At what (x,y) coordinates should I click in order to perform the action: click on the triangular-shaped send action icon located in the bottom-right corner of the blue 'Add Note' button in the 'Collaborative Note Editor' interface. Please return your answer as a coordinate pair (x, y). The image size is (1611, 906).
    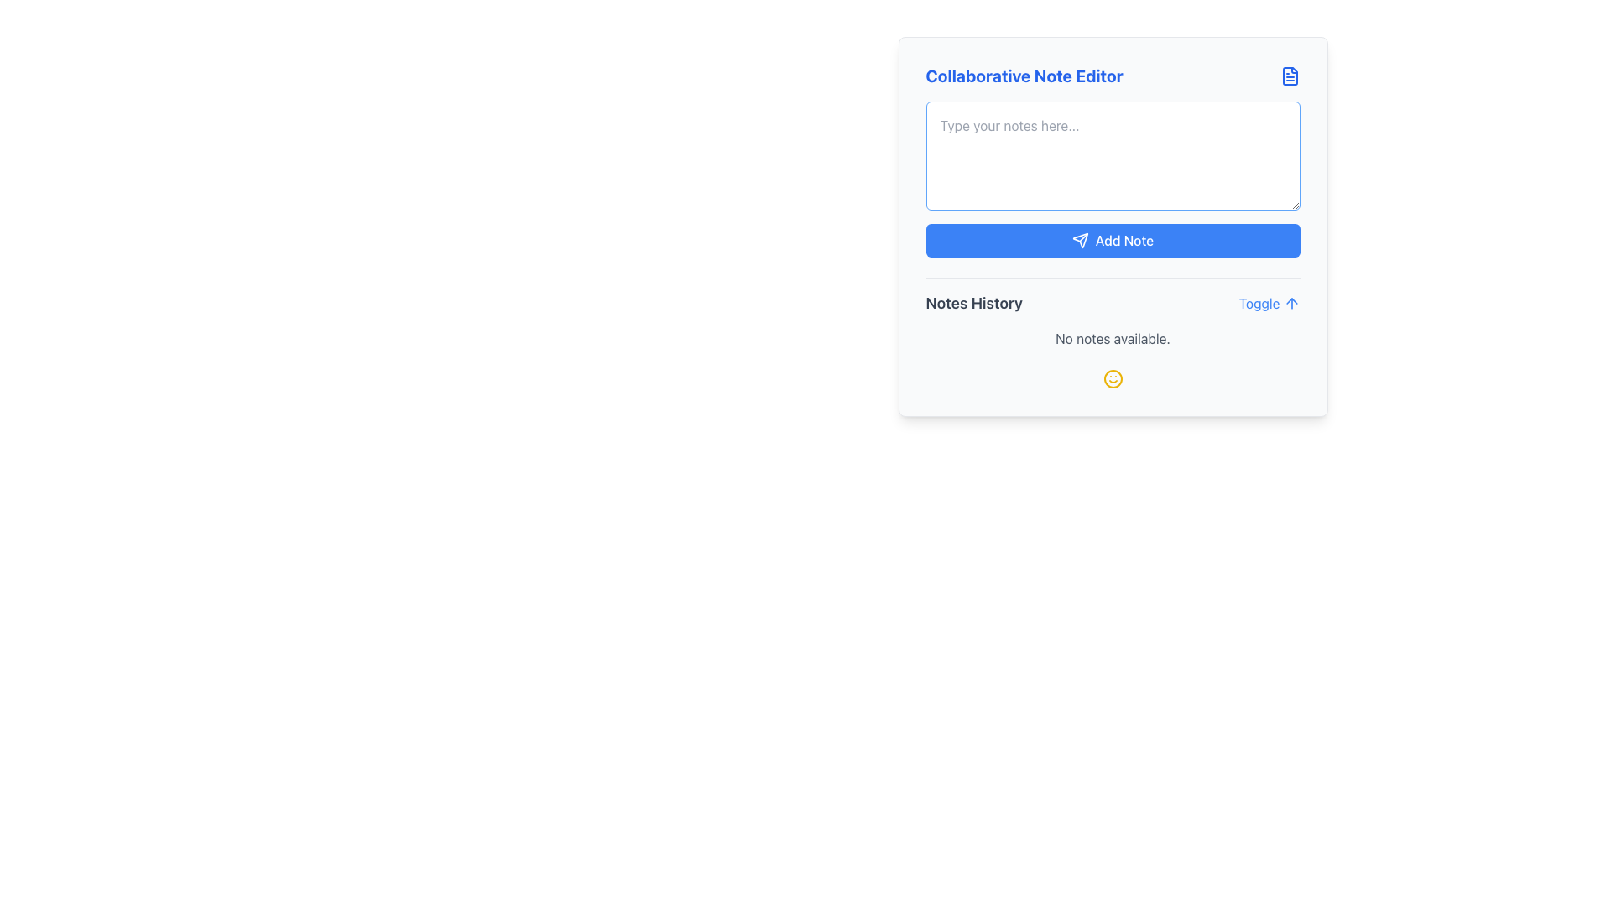
    Looking at the image, I should click on (1080, 240).